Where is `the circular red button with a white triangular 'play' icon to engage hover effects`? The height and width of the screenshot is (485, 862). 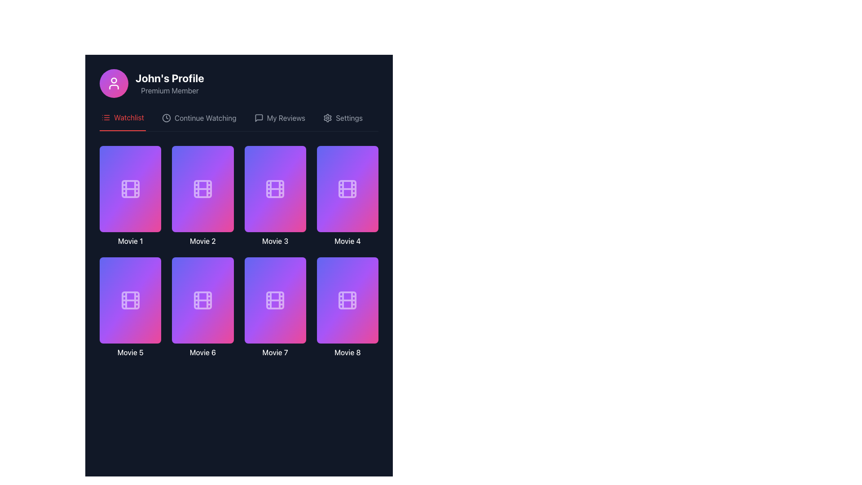 the circular red button with a white triangular 'play' icon to engage hover effects is located at coordinates (275, 184).